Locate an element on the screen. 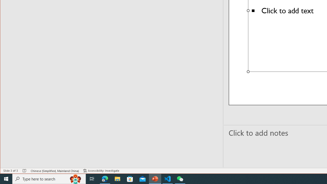 Image resolution: width=327 pixels, height=184 pixels. 'Microsoft Store' is located at coordinates (130, 178).